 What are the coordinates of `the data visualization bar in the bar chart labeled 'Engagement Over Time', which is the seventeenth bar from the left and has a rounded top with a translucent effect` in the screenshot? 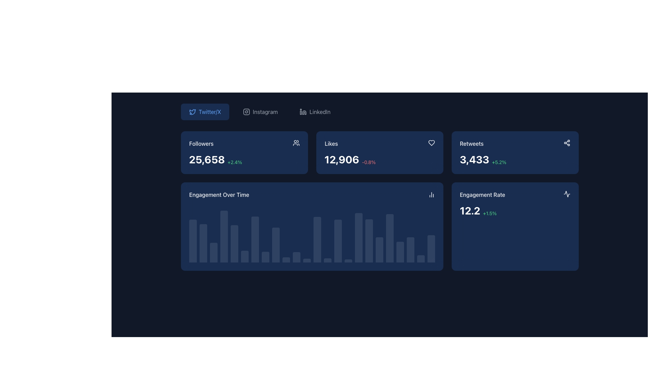 It's located at (358, 237).